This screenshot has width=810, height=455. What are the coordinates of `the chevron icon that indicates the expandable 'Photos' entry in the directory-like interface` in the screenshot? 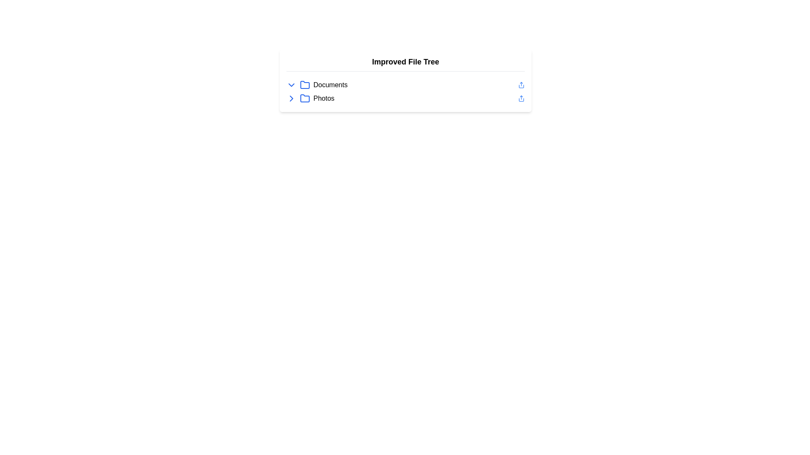 It's located at (292, 98).